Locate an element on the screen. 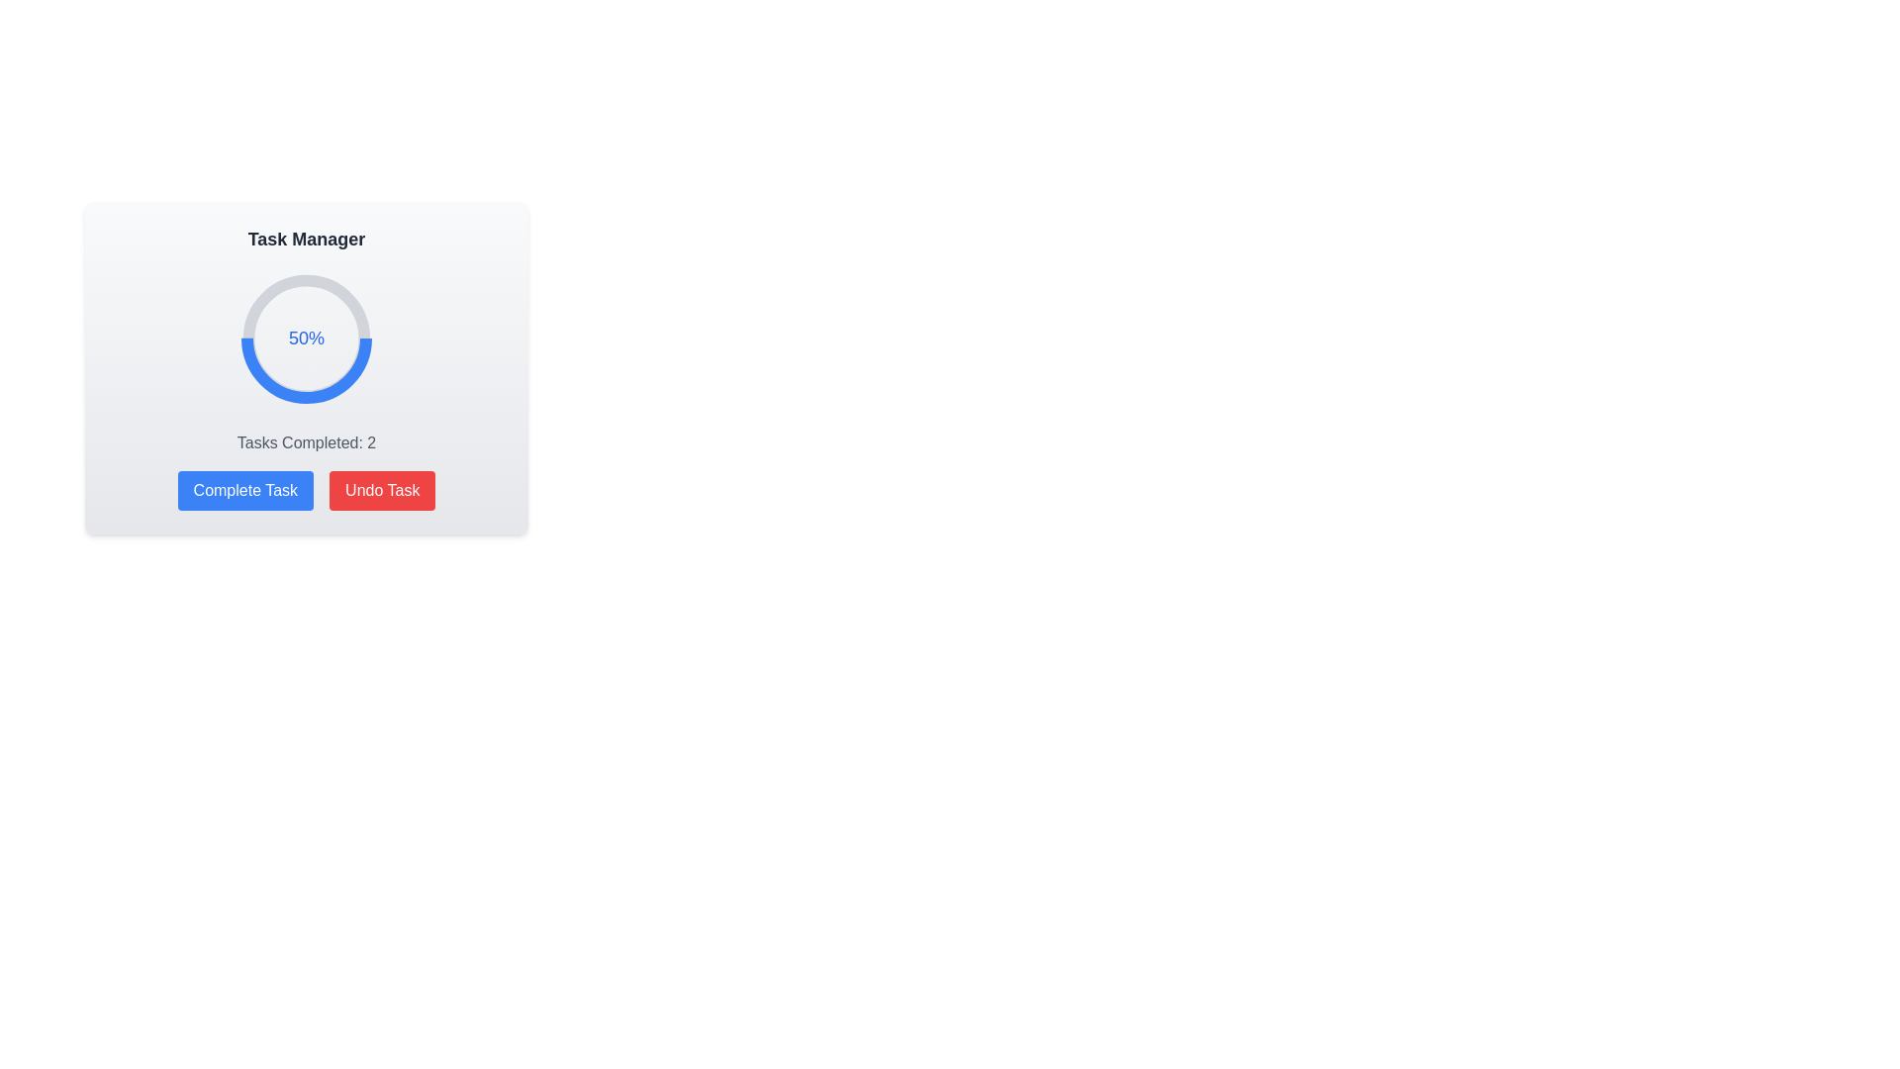 The height and width of the screenshot is (1069, 1900). the Text Label that serves as the header or title of the panel, indicating the main subject of the section below it is located at coordinates (306, 239).